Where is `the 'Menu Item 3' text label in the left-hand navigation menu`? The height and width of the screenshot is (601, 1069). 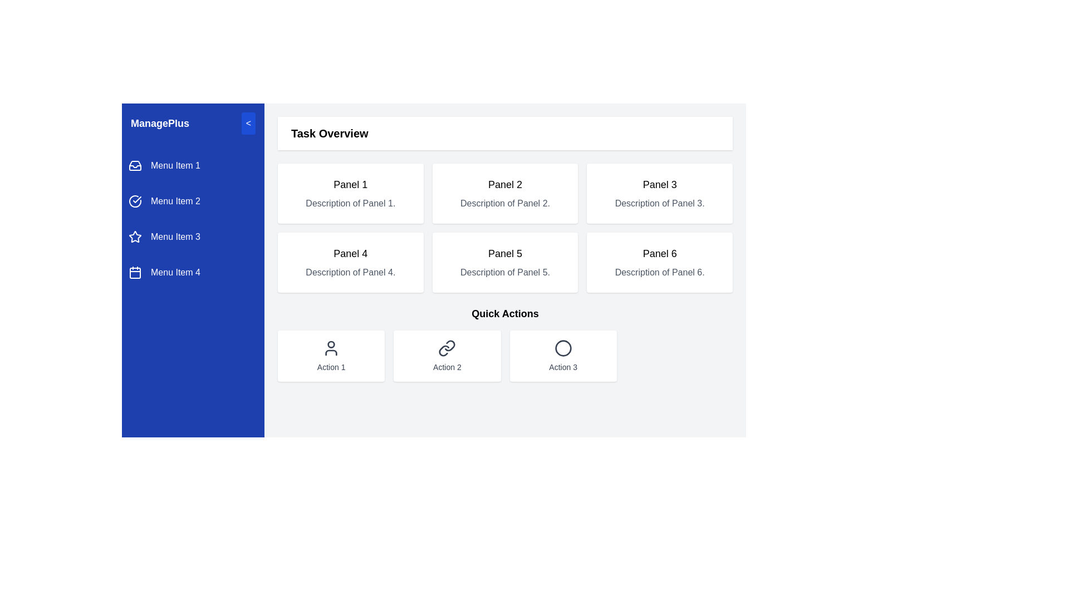 the 'Menu Item 3' text label in the left-hand navigation menu is located at coordinates (175, 236).